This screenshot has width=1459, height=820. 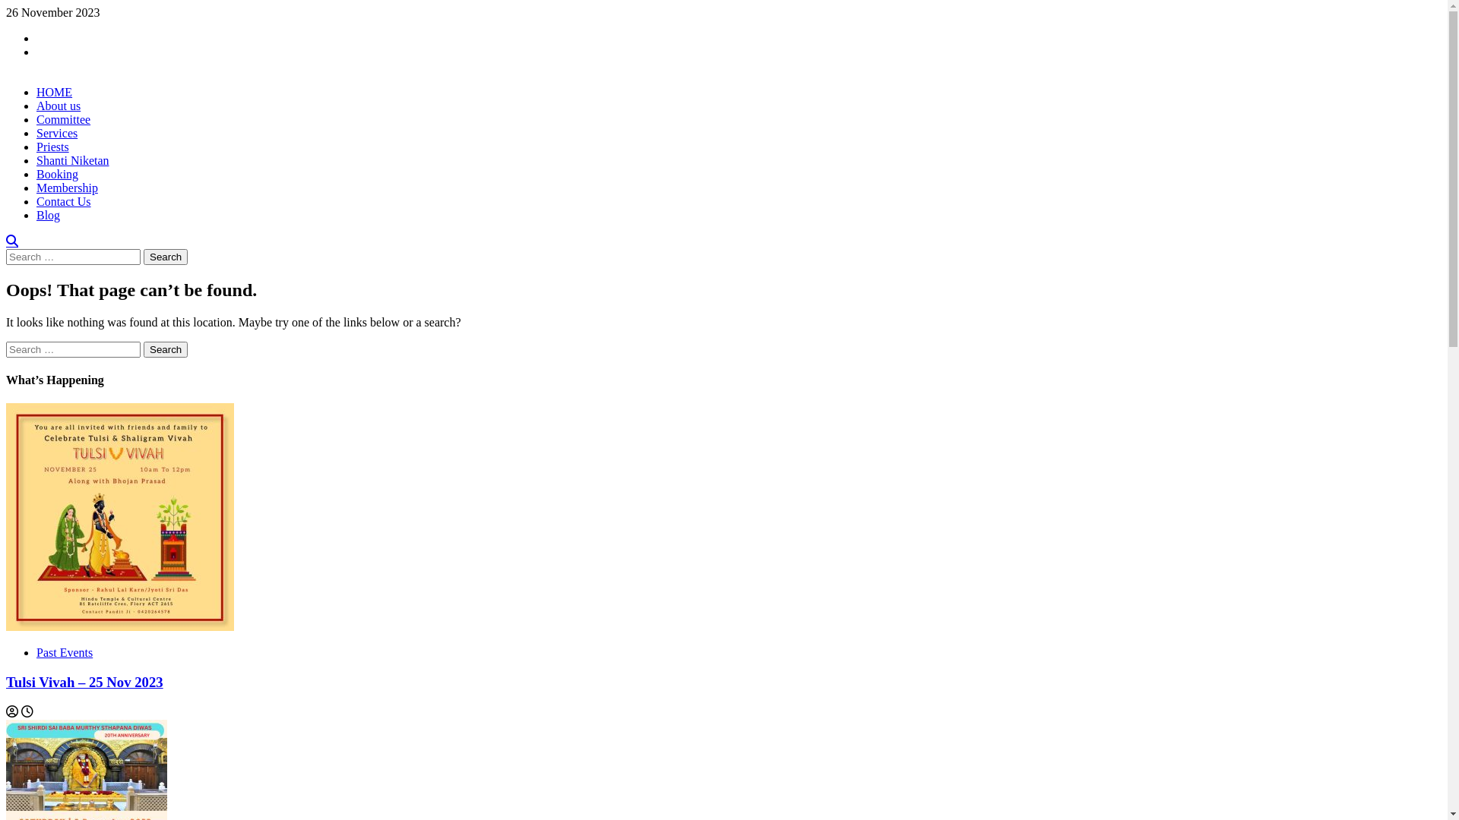 I want to click on 'Priests', so click(x=52, y=147).